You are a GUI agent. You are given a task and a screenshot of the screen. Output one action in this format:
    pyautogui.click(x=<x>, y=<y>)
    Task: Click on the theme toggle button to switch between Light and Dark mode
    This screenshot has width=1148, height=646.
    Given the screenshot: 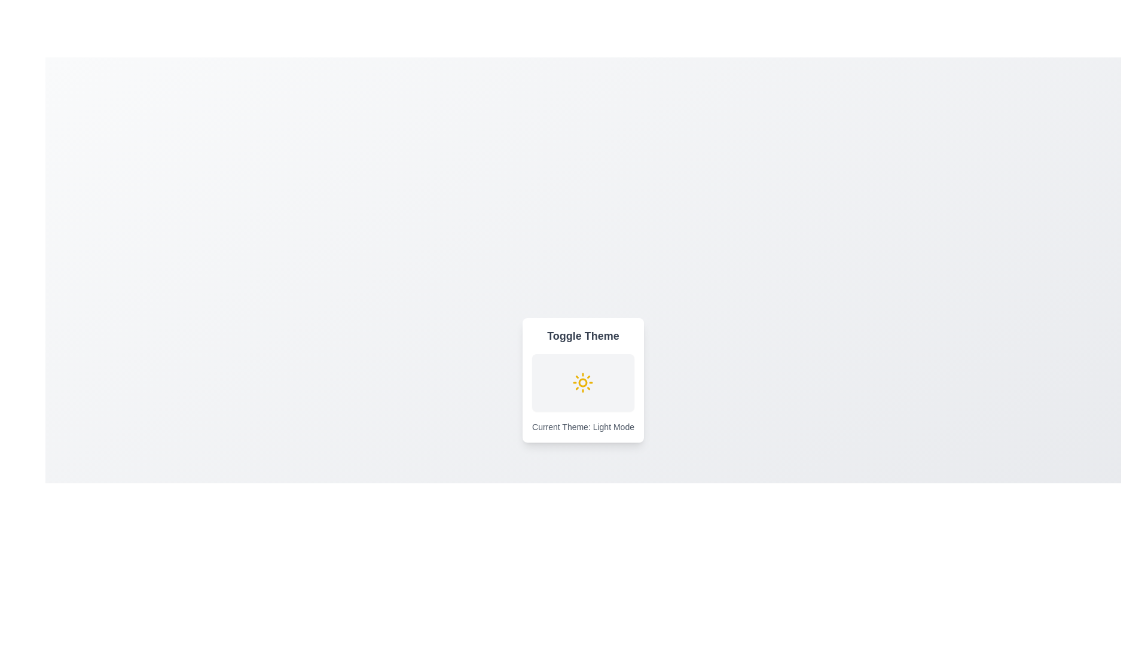 What is the action you would take?
    pyautogui.click(x=582, y=383)
    